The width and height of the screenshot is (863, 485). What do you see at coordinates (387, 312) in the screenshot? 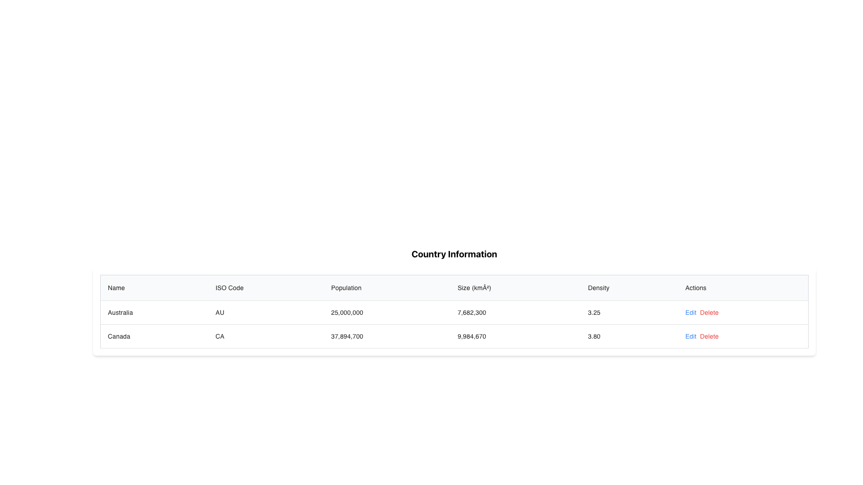
I see `population value for Australia from the third cell in the first row of the table titled 'Country Information'` at bounding box center [387, 312].